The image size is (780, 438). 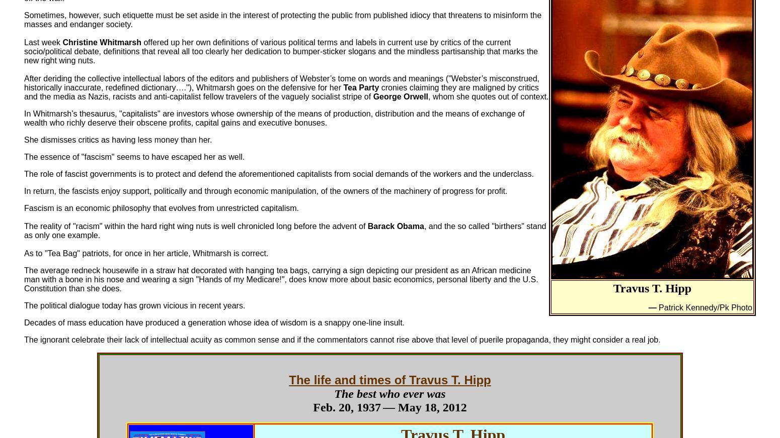 What do you see at coordinates (395, 226) in the screenshot?
I see `'Barack Obama'` at bounding box center [395, 226].